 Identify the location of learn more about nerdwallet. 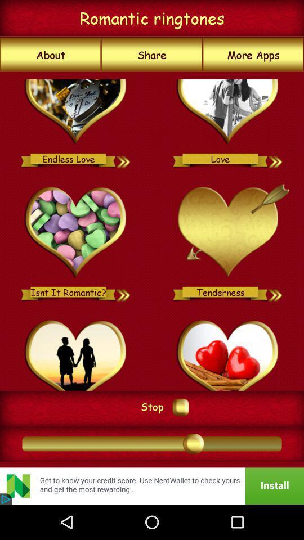
(152, 485).